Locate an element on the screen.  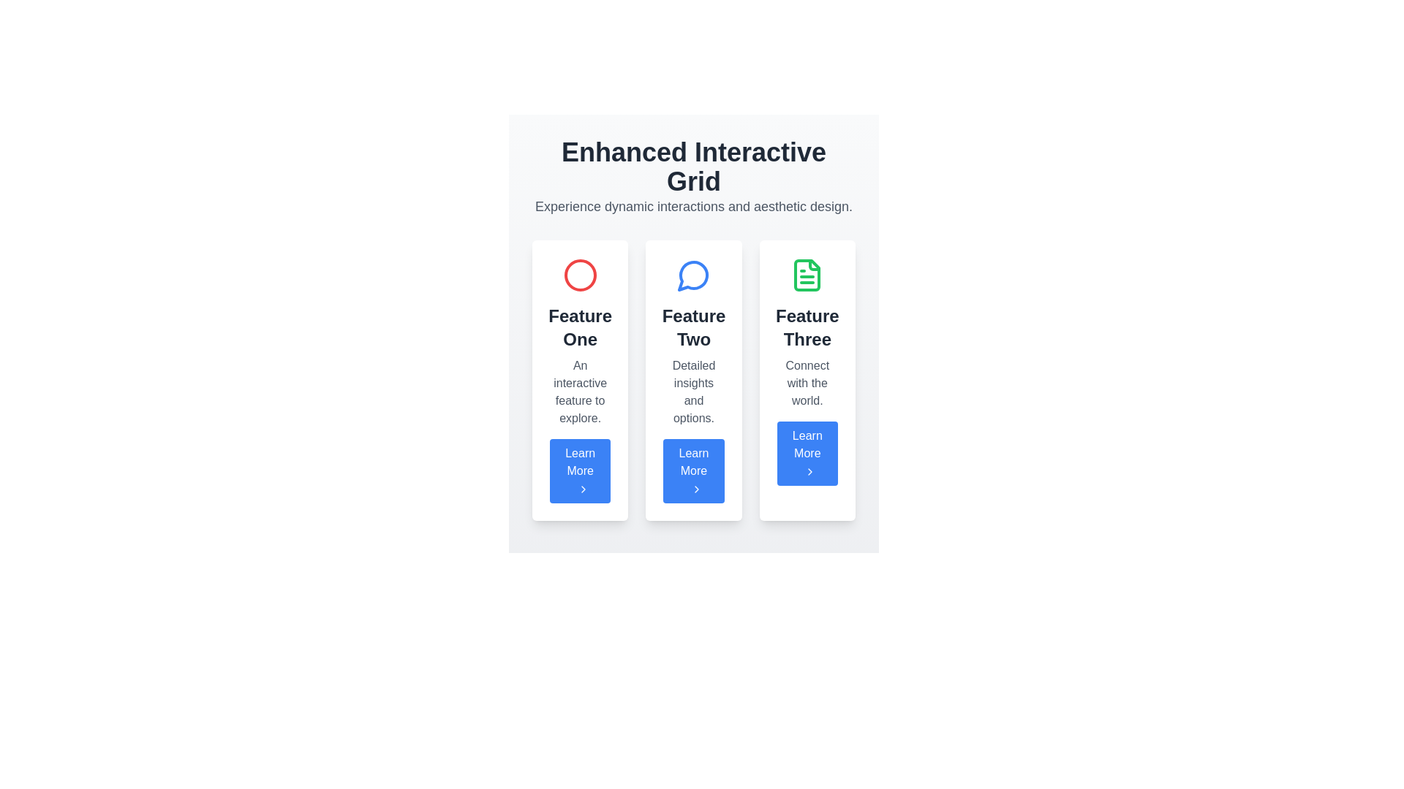
the chevron icon that indicates the 'Learn More' button leads to another page or section, which is located within the second button in a horizontal row beneath the 'Feature Two' card is located at coordinates (695, 489).